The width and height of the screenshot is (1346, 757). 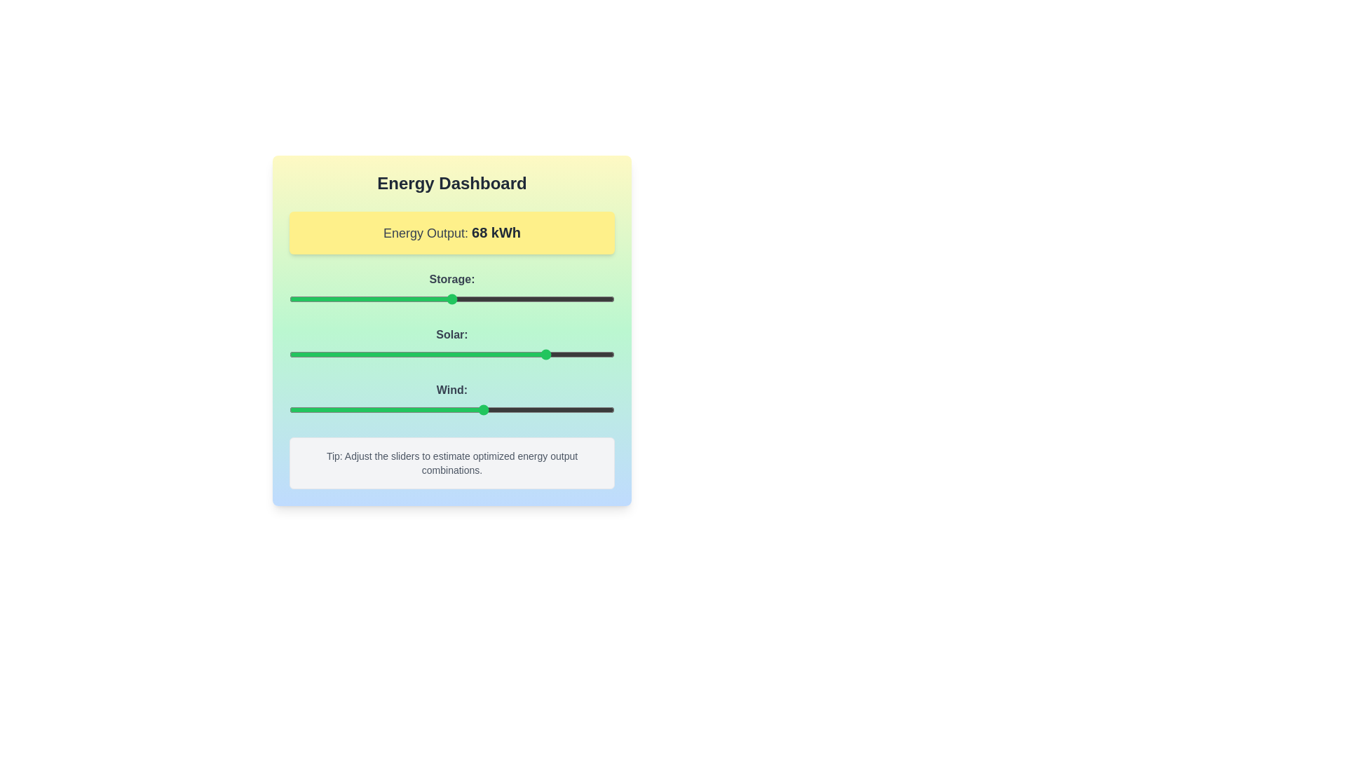 What do you see at coordinates (327, 410) in the screenshot?
I see `the 'Wind' slider to set its value to 12` at bounding box center [327, 410].